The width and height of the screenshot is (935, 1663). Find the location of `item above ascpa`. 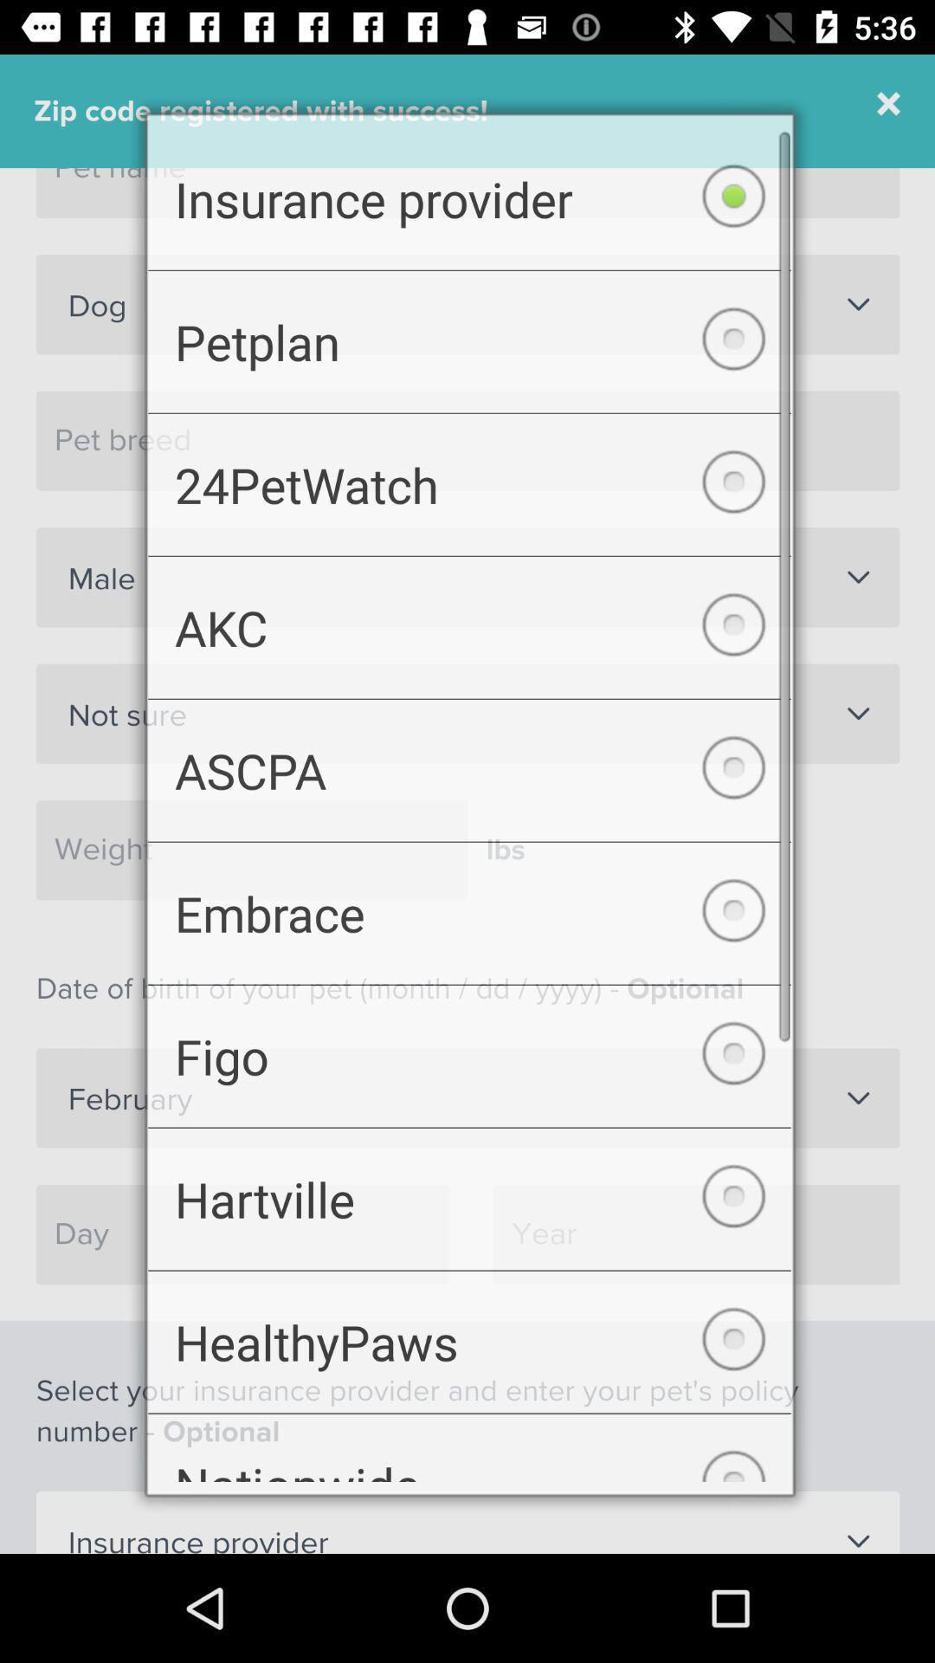

item above ascpa is located at coordinates (469, 623).